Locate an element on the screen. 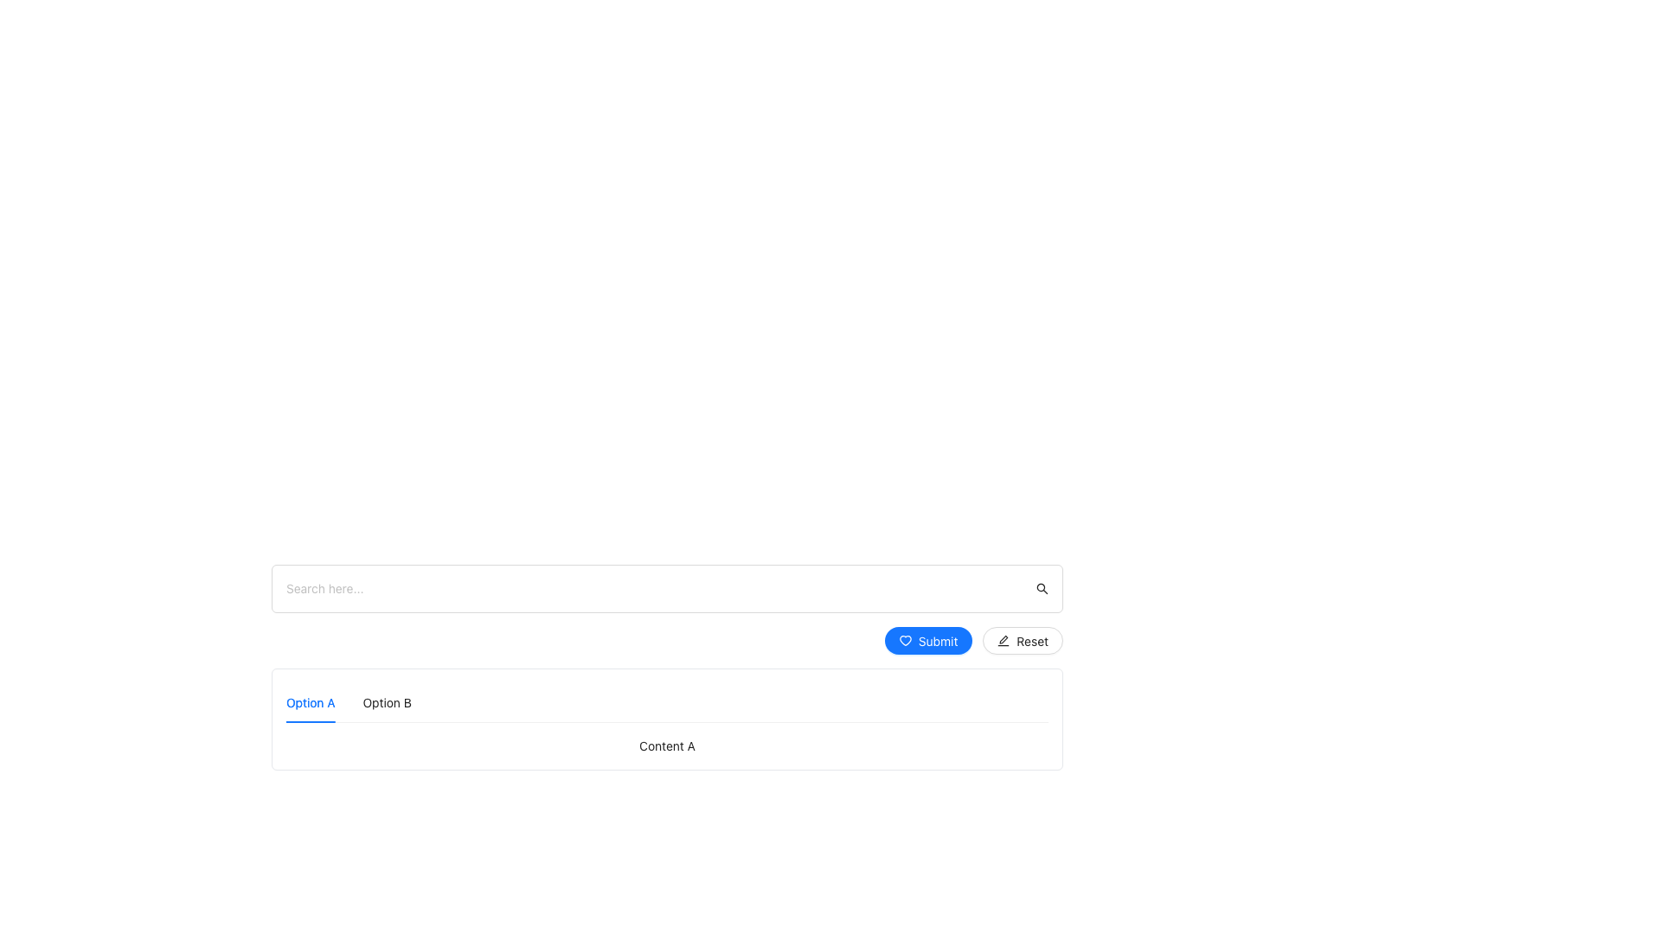 The height and width of the screenshot is (934, 1661). the second tab in the horizontal tab row that corresponds to 'Option B' is located at coordinates (386, 703).